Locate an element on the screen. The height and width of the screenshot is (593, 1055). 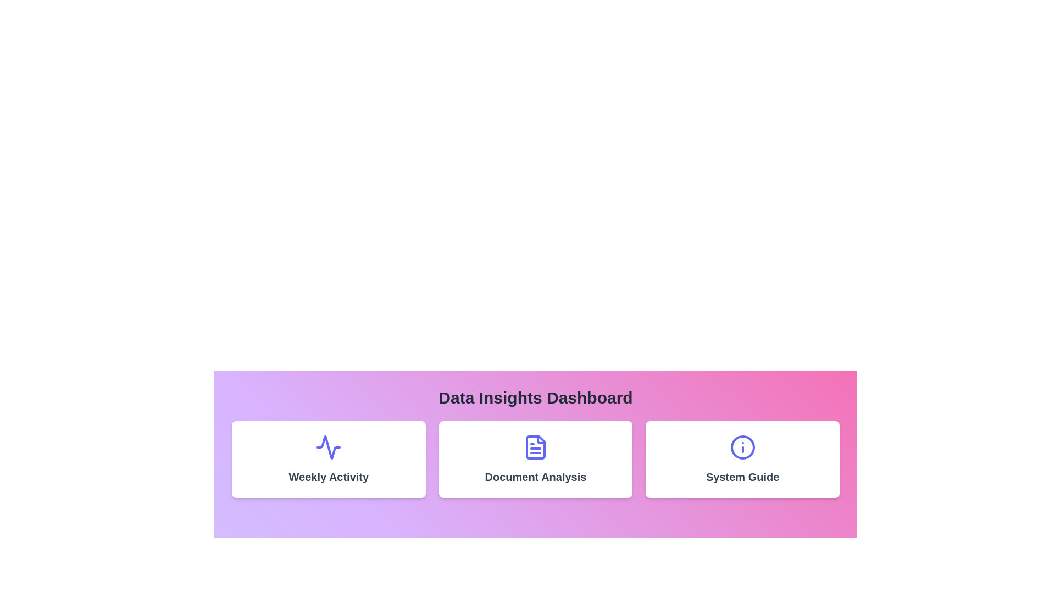
the blue document icon located in the center of the three options under 'Data Insights Dashboard', directly above 'Document Analysis' is located at coordinates (535, 447).